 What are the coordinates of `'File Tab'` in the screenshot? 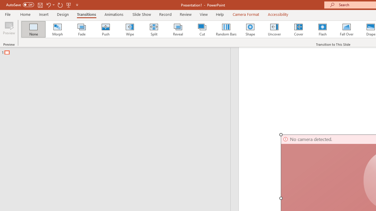 It's located at (8, 14).